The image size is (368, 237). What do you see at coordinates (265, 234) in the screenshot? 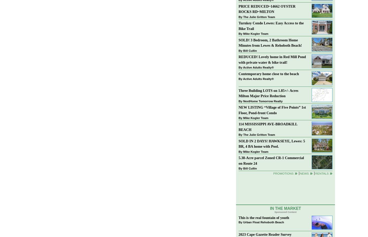
I see `'2023 Cape Gazette Reader Survey'` at bounding box center [265, 234].